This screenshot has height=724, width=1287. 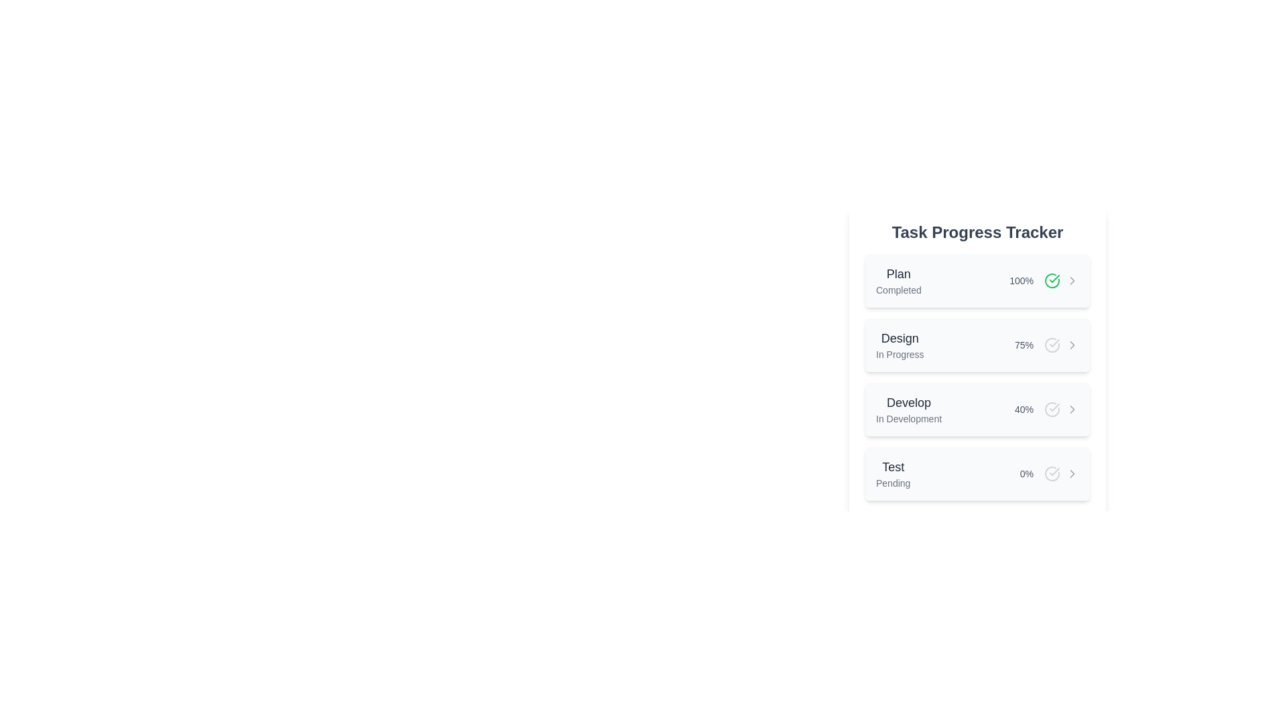 What do you see at coordinates (977, 377) in the screenshot?
I see `the task progress representation that shows the current status as 'In Progress' and completion percentage as '75%' for the 'Design' task` at bounding box center [977, 377].